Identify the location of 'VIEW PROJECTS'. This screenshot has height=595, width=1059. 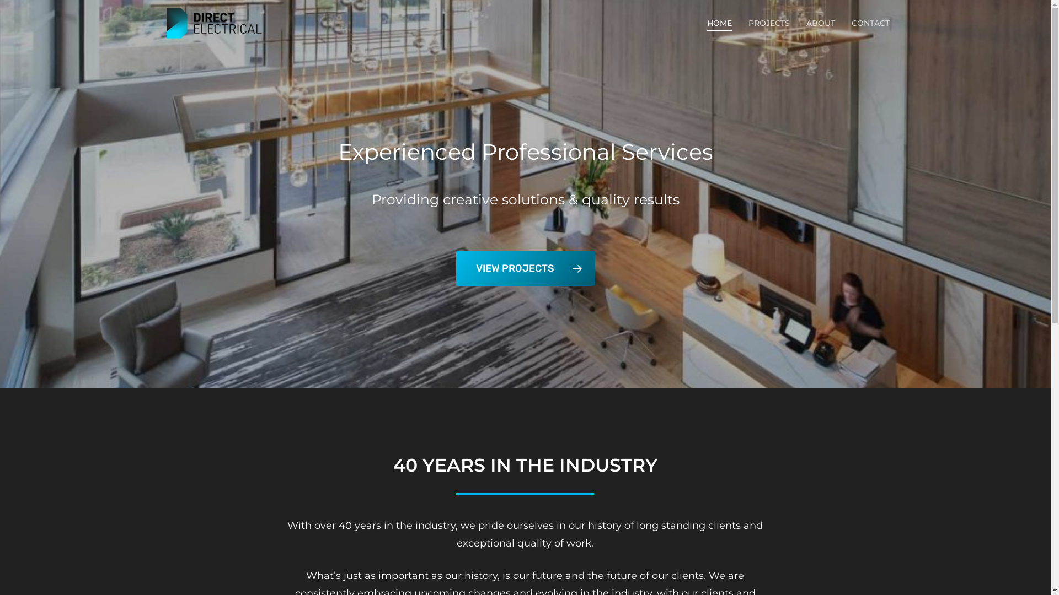
(455, 268).